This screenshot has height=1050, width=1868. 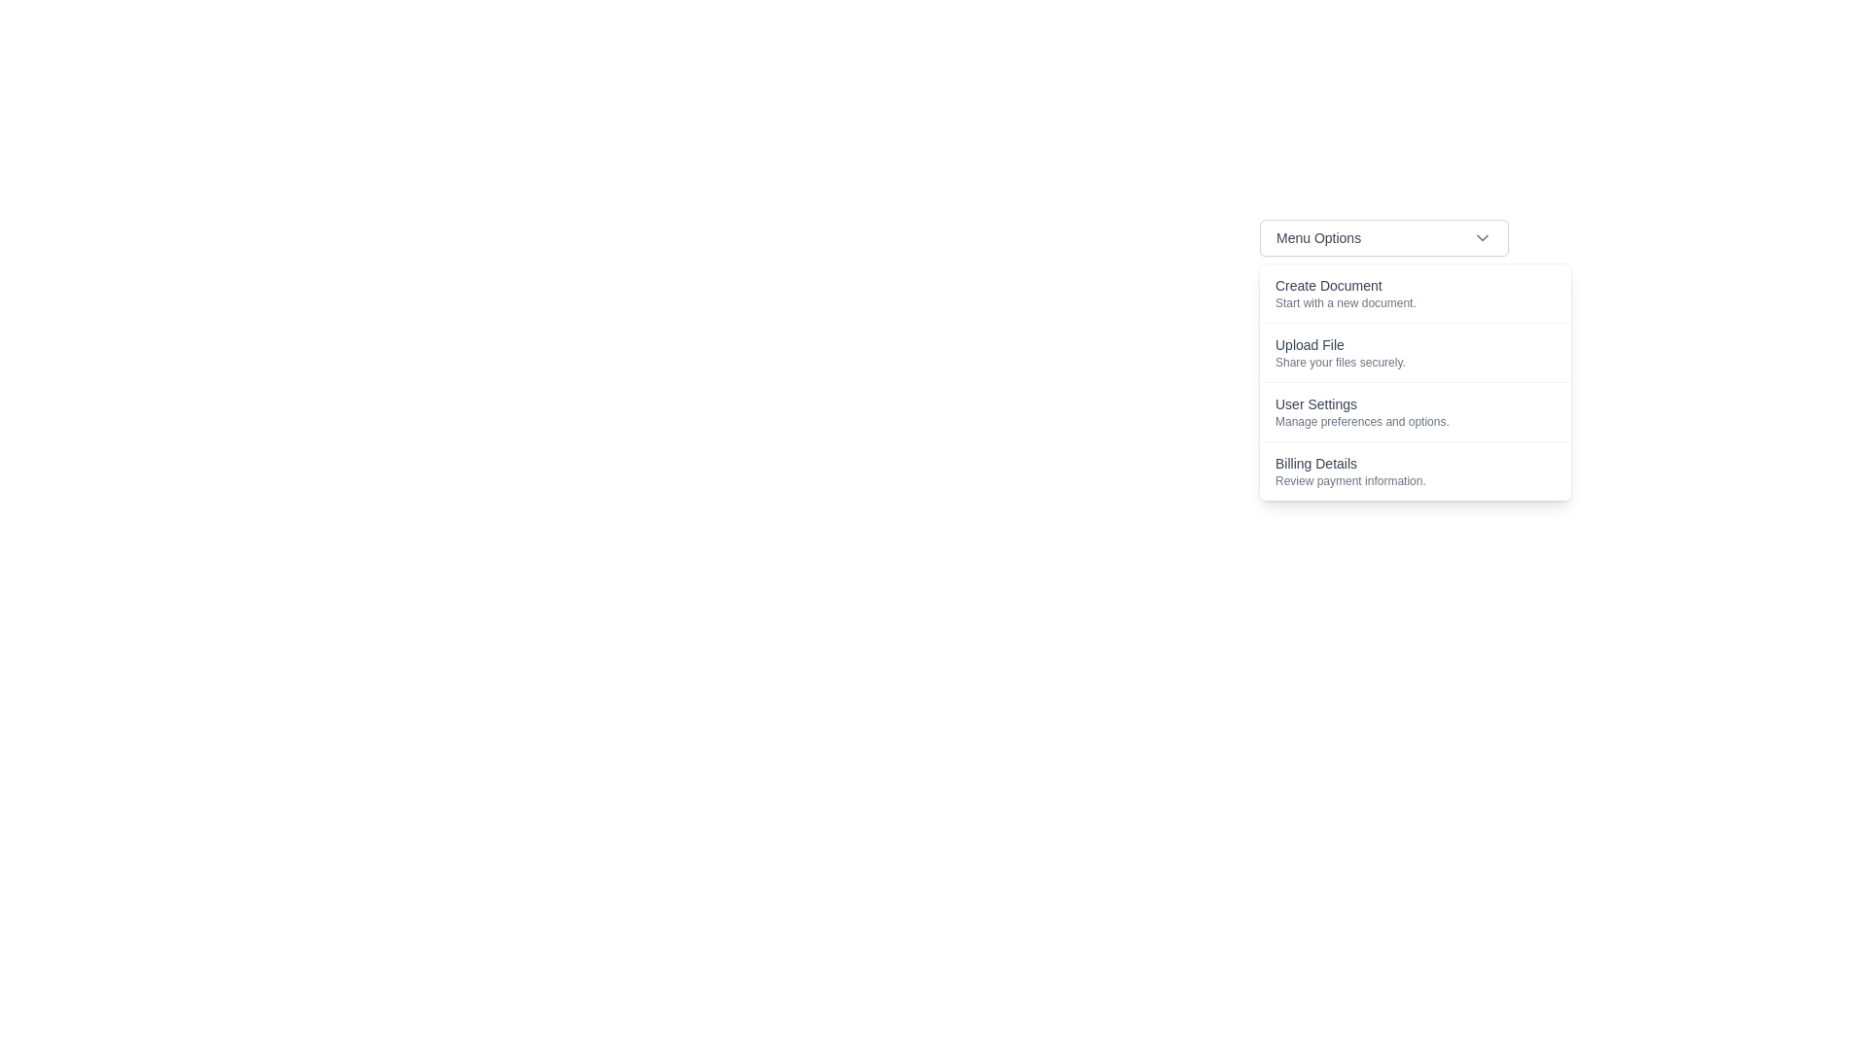 What do you see at coordinates (1415, 421) in the screenshot?
I see `the Text Label that provides additional details for the 'User Settings' section, located directly below the 'User Settings' label in the menu` at bounding box center [1415, 421].